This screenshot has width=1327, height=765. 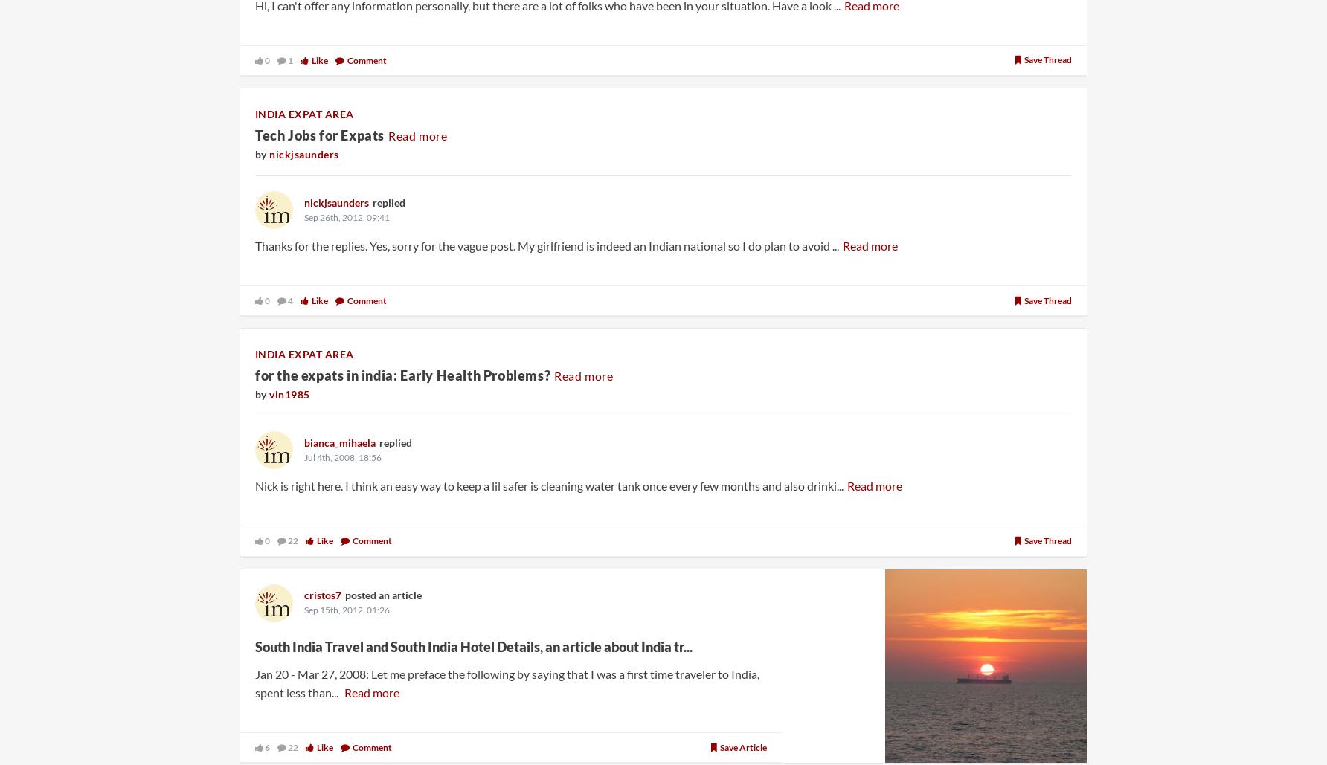 What do you see at coordinates (289, 59) in the screenshot?
I see `'1'` at bounding box center [289, 59].